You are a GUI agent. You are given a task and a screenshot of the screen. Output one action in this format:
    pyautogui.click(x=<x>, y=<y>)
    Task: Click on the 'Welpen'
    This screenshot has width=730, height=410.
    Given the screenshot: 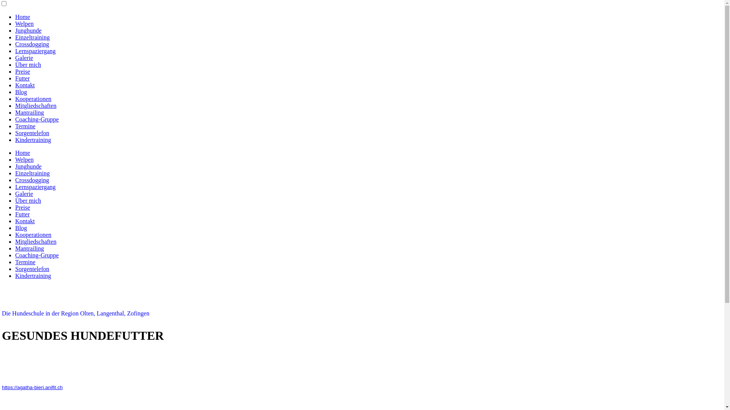 What is the action you would take?
    pyautogui.click(x=24, y=23)
    